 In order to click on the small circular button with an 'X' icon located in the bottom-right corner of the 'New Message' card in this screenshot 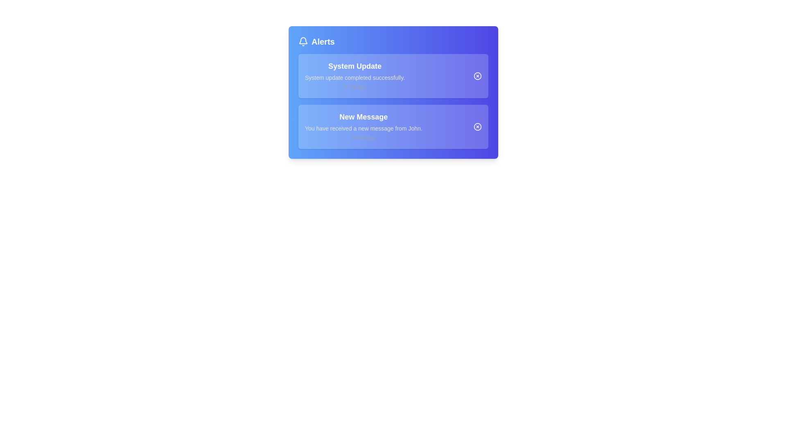, I will do `click(477, 126)`.